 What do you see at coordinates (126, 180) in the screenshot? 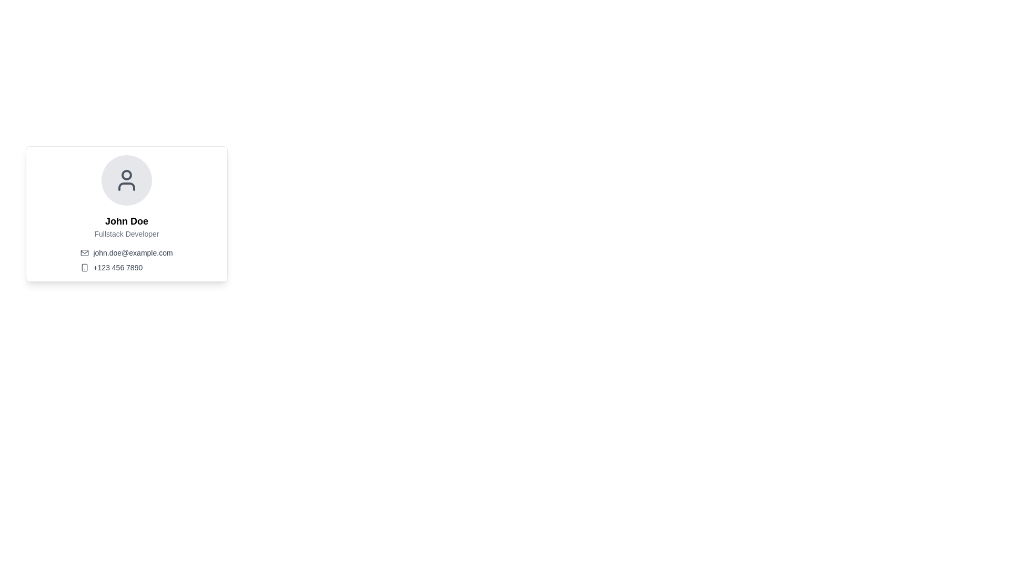
I see `the user icon, which is a minimalistic dark gray circle with a curved line representing shoulders, located at the top center of a card layout` at bounding box center [126, 180].